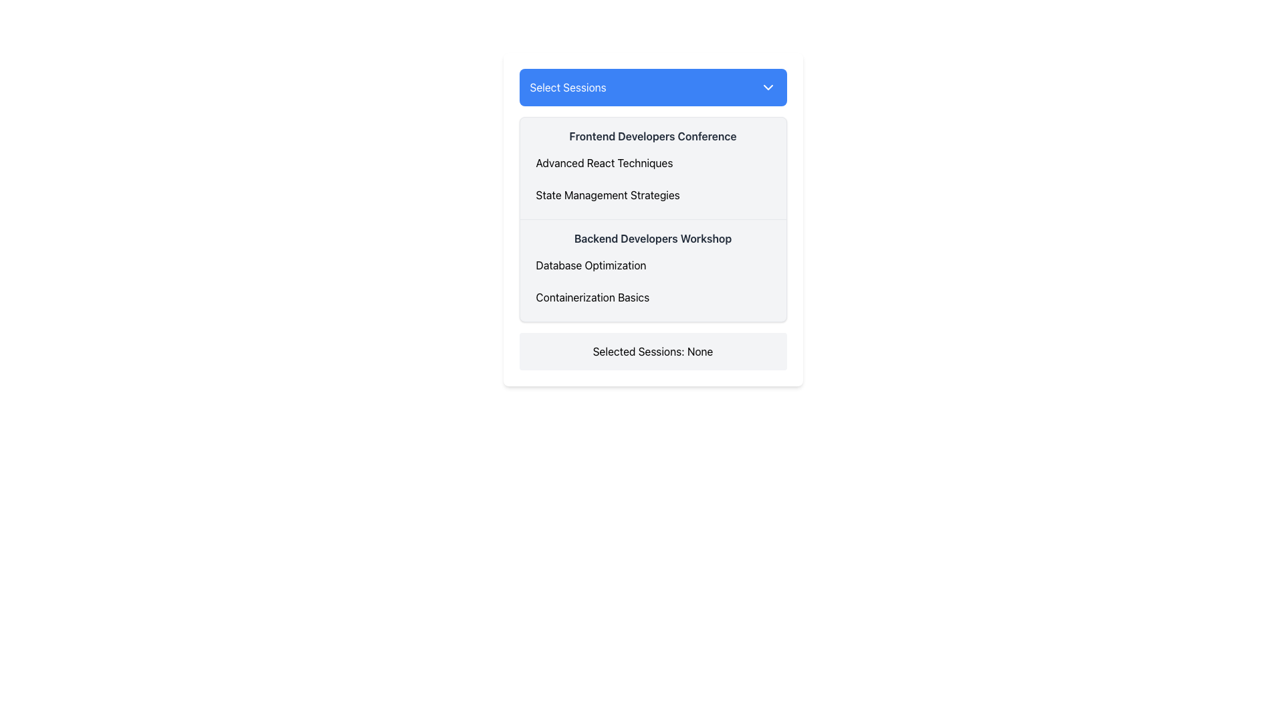 The image size is (1284, 722). What do you see at coordinates (590, 265) in the screenshot?
I see `the selectable session topic text label positioned under the 'Backend Developers Workshop' heading in the middle section of the session selection panel` at bounding box center [590, 265].